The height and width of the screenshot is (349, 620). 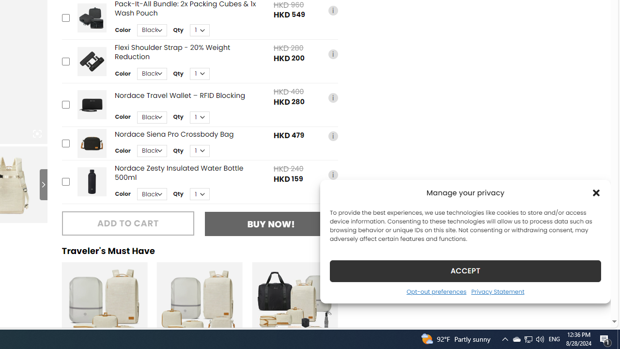 What do you see at coordinates (596, 192) in the screenshot?
I see `'Class: cmplz-close'` at bounding box center [596, 192].